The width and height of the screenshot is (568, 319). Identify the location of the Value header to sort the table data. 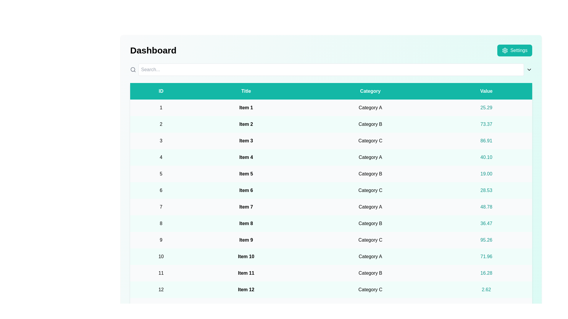
(486, 91).